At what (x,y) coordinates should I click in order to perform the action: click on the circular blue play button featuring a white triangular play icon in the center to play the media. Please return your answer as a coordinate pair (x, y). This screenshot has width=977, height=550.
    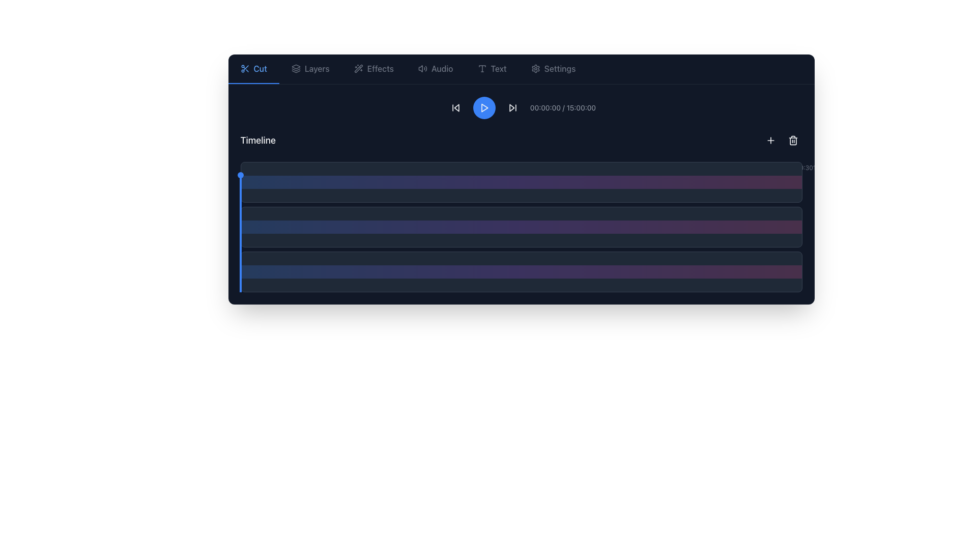
    Looking at the image, I should click on (483, 108).